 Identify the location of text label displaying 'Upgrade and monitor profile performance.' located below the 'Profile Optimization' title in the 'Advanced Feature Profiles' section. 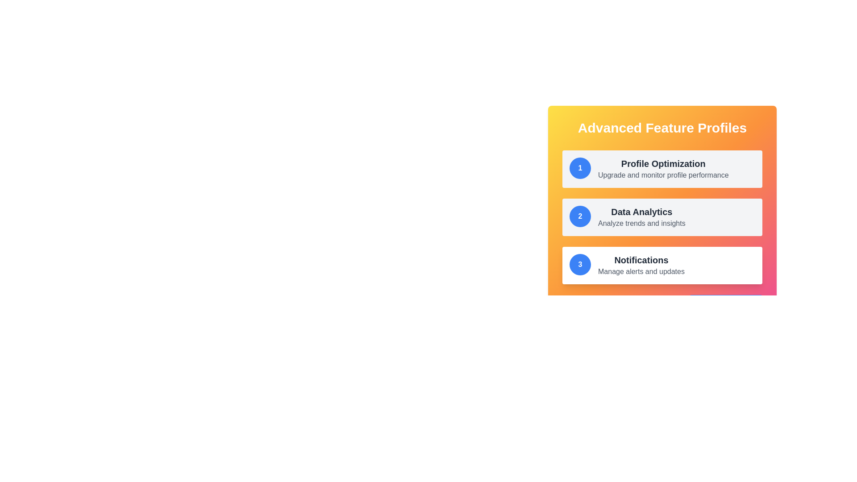
(663, 175).